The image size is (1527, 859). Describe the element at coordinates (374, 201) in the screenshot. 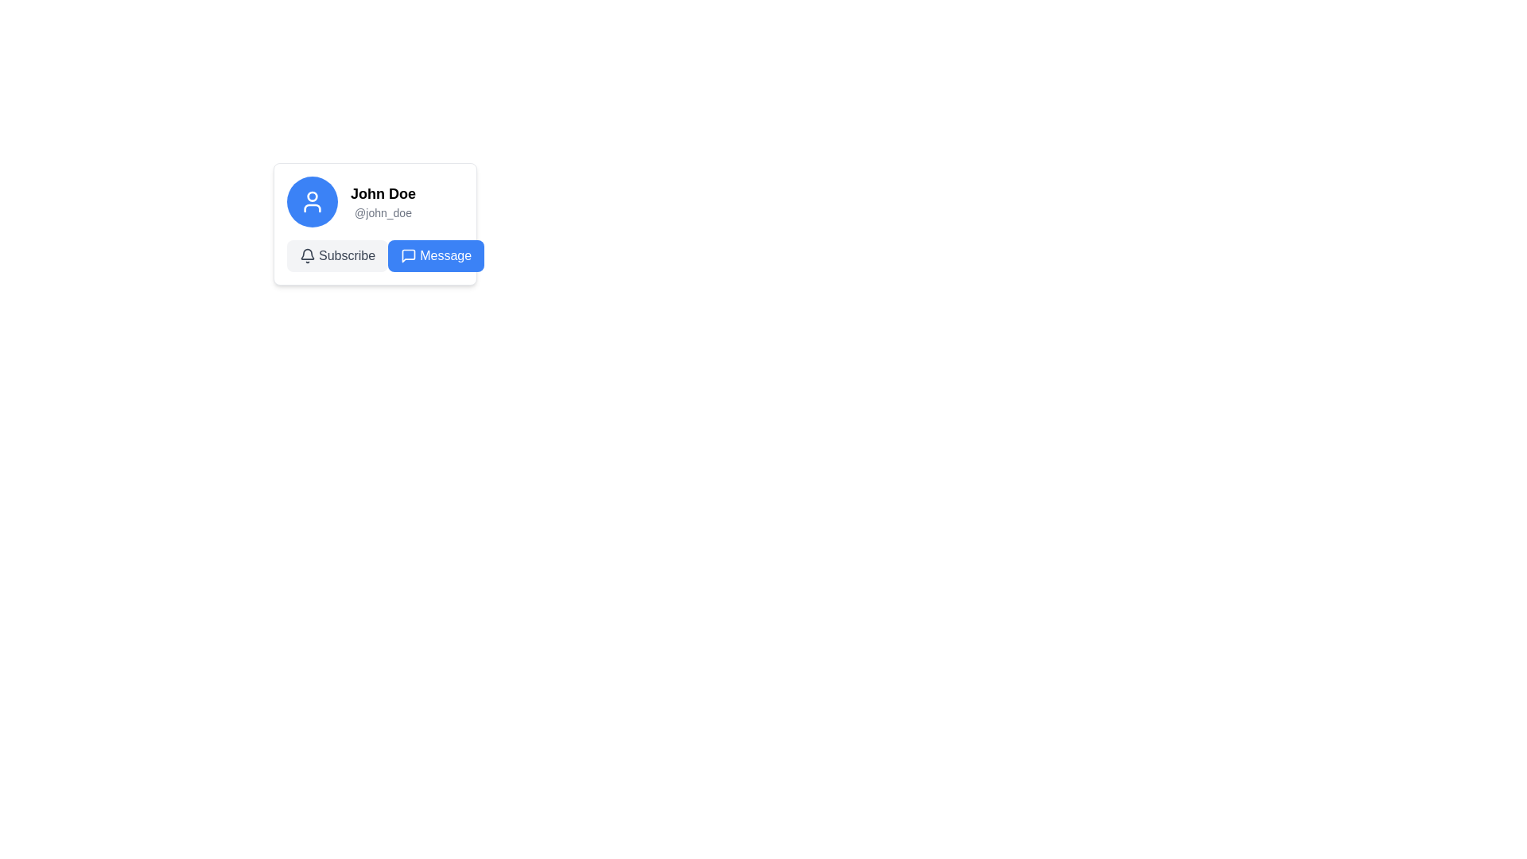

I see `the Text Display element containing the name 'John Doe' and username '@john_doe', located in the upper half of a card-like section` at that location.